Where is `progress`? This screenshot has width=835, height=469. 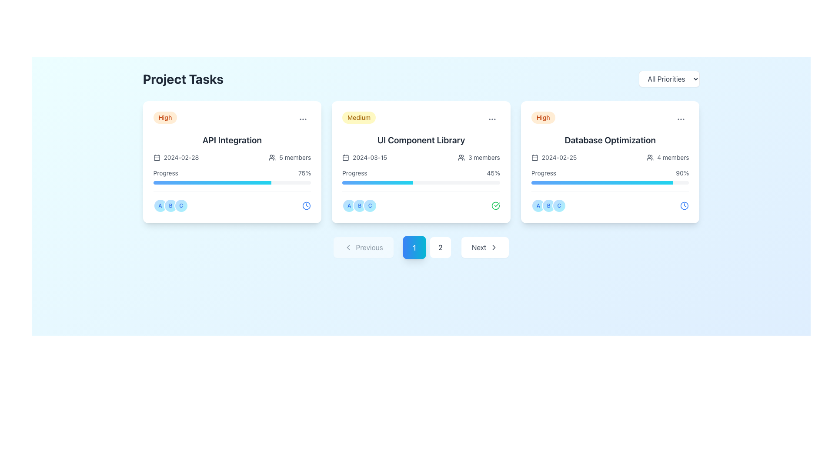
progress is located at coordinates (638, 182).